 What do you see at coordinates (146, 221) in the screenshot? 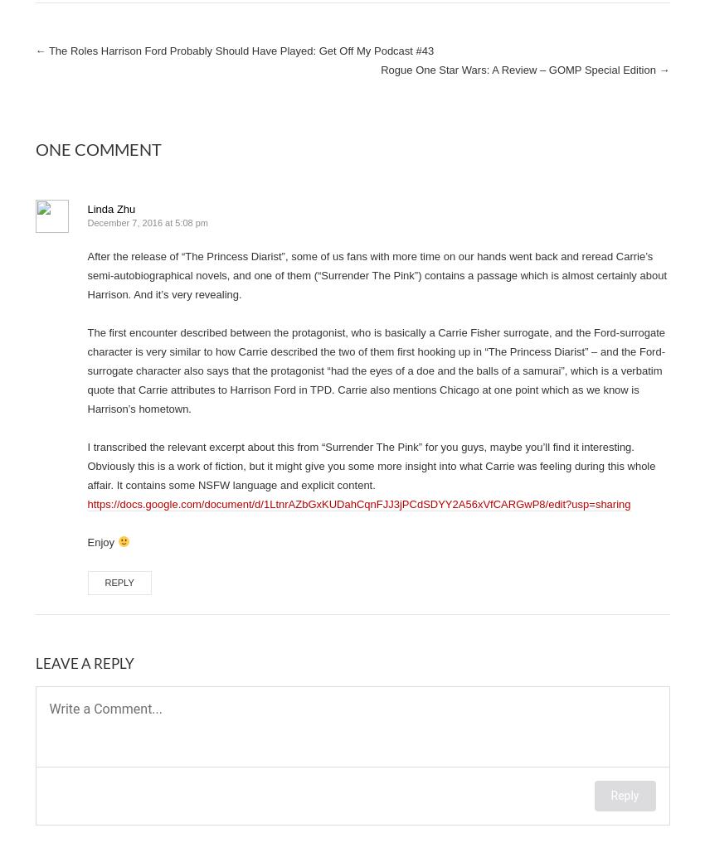
I see `'December 7, 2016 at 5:08 pm'` at bounding box center [146, 221].